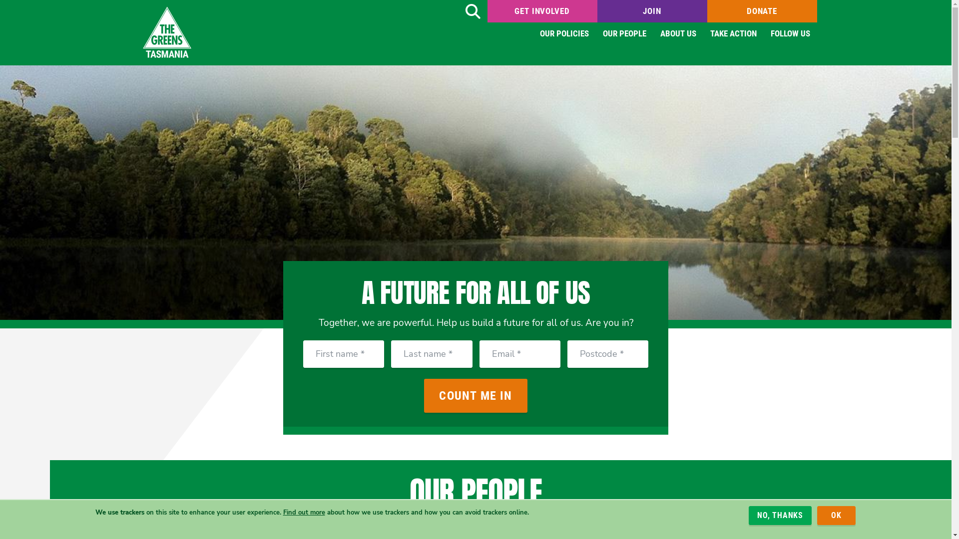 This screenshot has width=959, height=539. What do you see at coordinates (789, 33) in the screenshot?
I see `'FOLLOW US'` at bounding box center [789, 33].